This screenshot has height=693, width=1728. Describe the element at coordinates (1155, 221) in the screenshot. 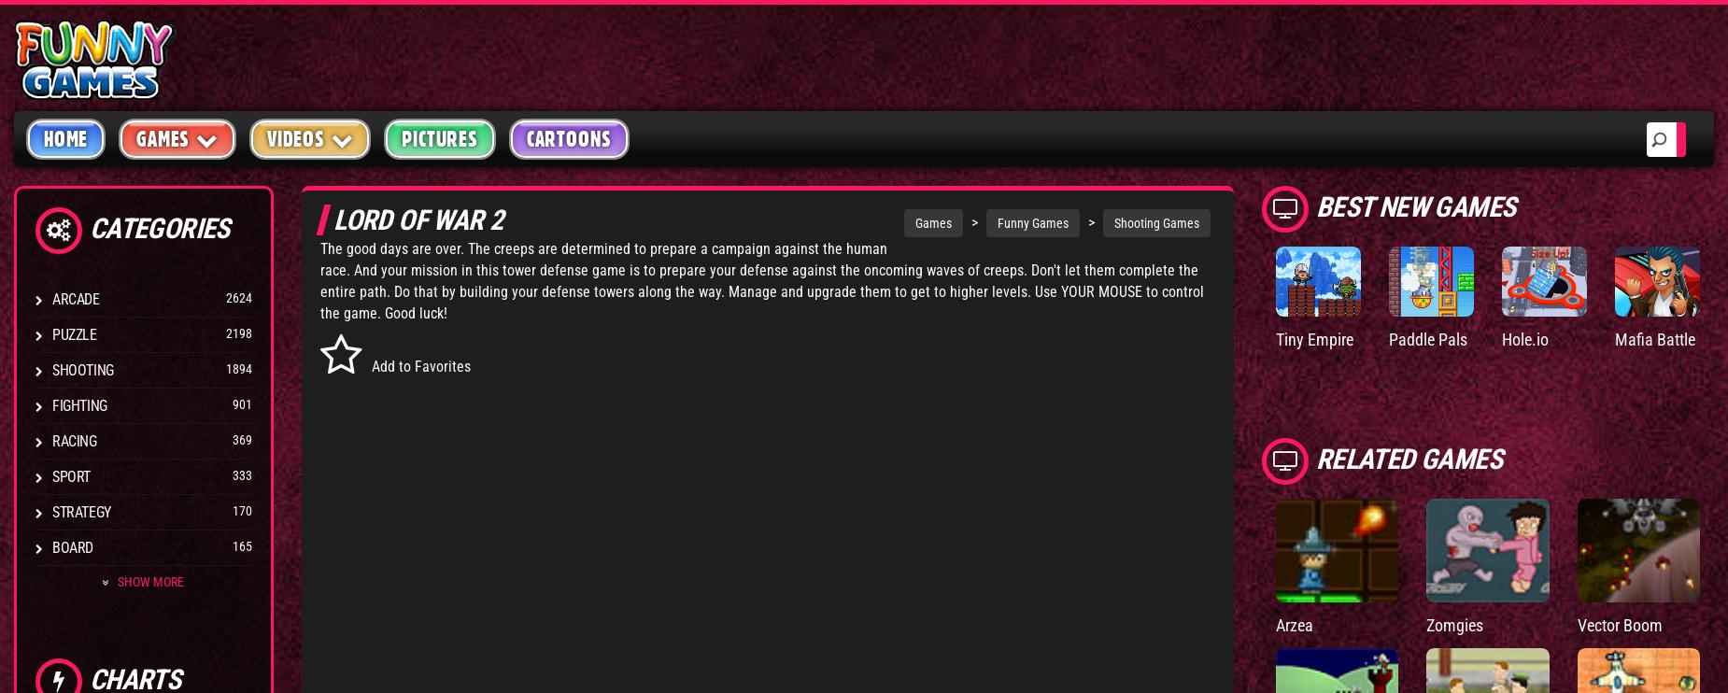

I see `'Shooting Games'` at that location.